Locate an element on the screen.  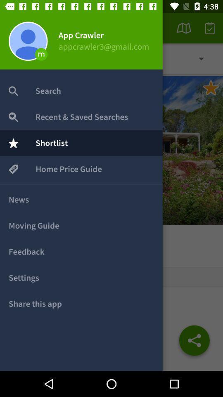
the share icon is located at coordinates (194, 342).